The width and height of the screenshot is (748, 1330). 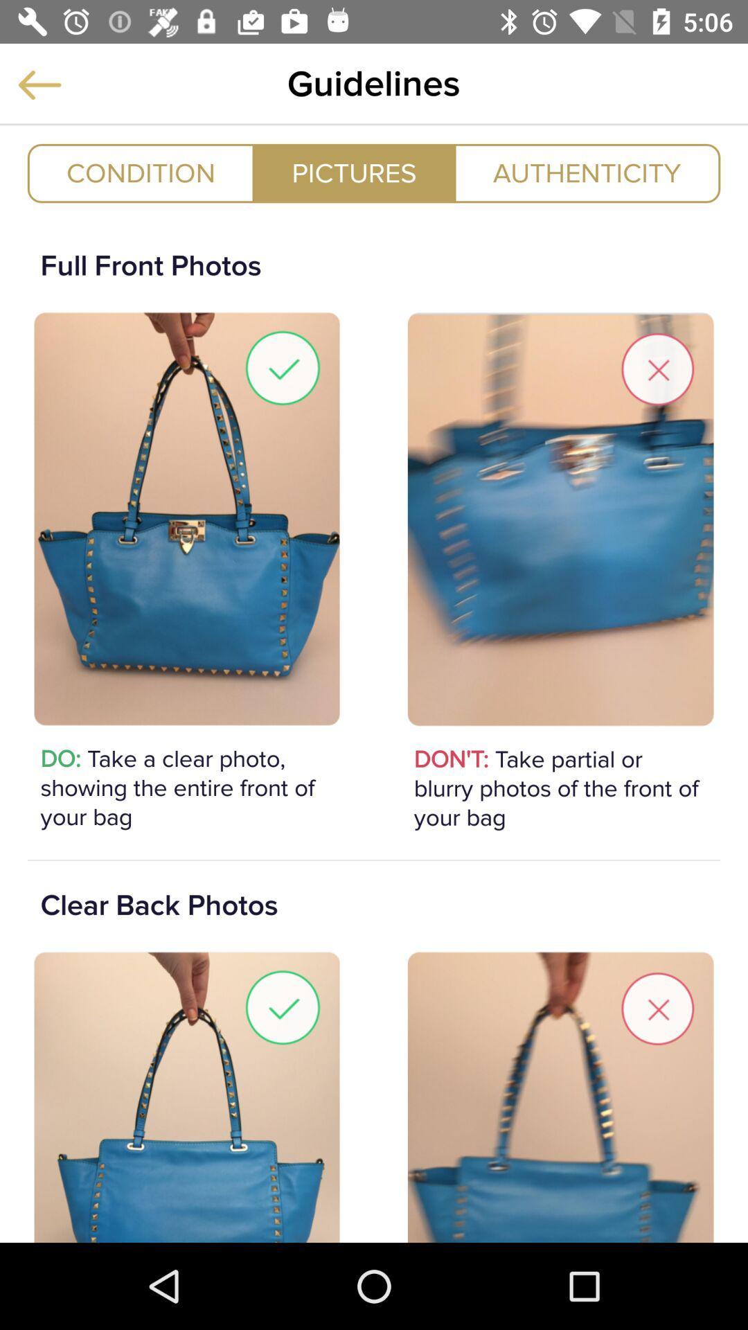 What do you see at coordinates (353, 172) in the screenshot?
I see `icon above the full front photos` at bounding box center [353, 172].